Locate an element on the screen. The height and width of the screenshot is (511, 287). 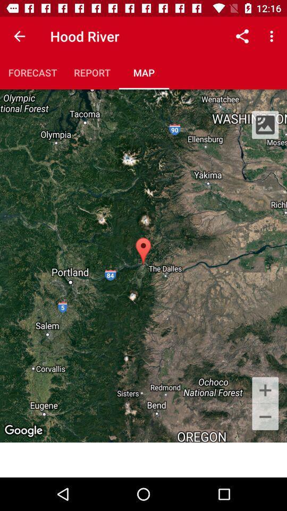
the add icon is located at coordinates (265, 389).